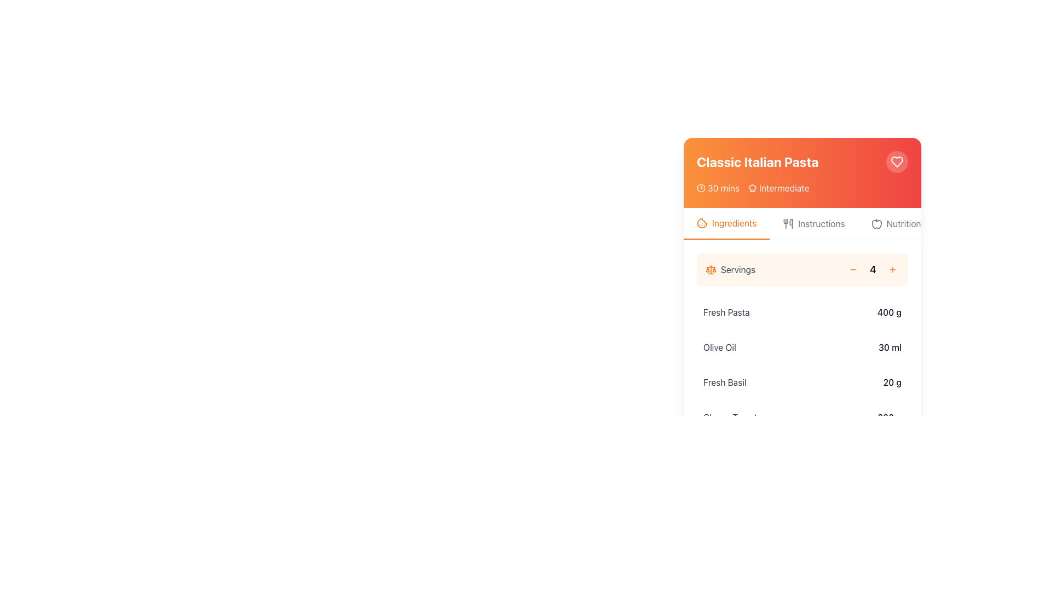 The width and height of the screenshot is (1051, 591). I want to click on the Navigation Tab, which is the second tab from the left in the horizontal tab section, to possibly see a tooltip, so click(821, 223).